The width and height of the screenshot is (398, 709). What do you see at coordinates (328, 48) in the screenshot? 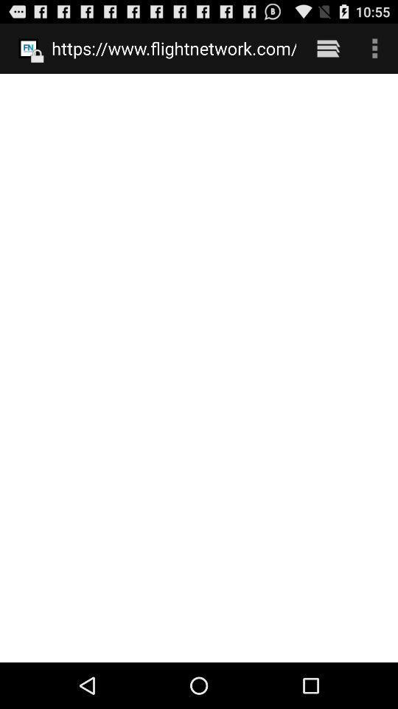
I see `icon to the right of the https www flightnetwork item` at bounding box center [328, 48].